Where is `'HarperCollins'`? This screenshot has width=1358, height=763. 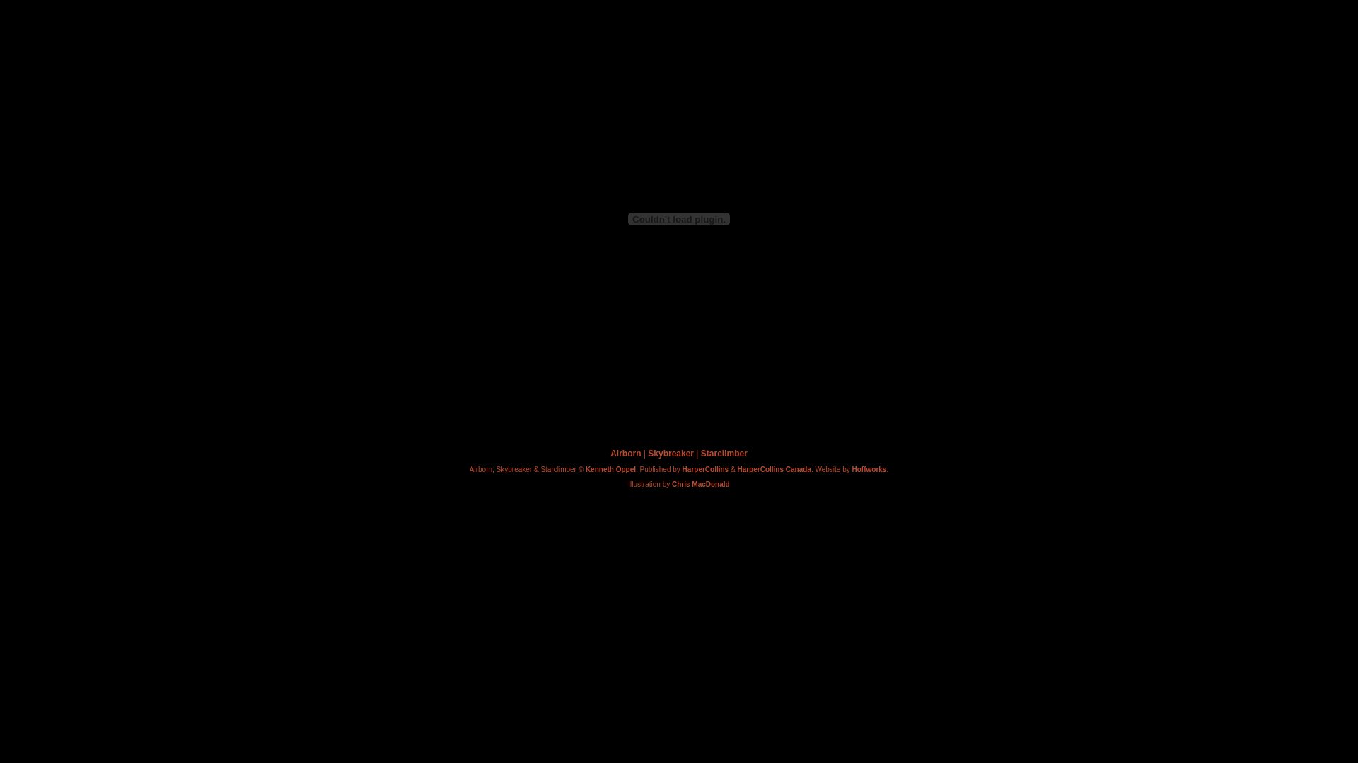 'HarperCollins' is located at coordinates (706, 469).